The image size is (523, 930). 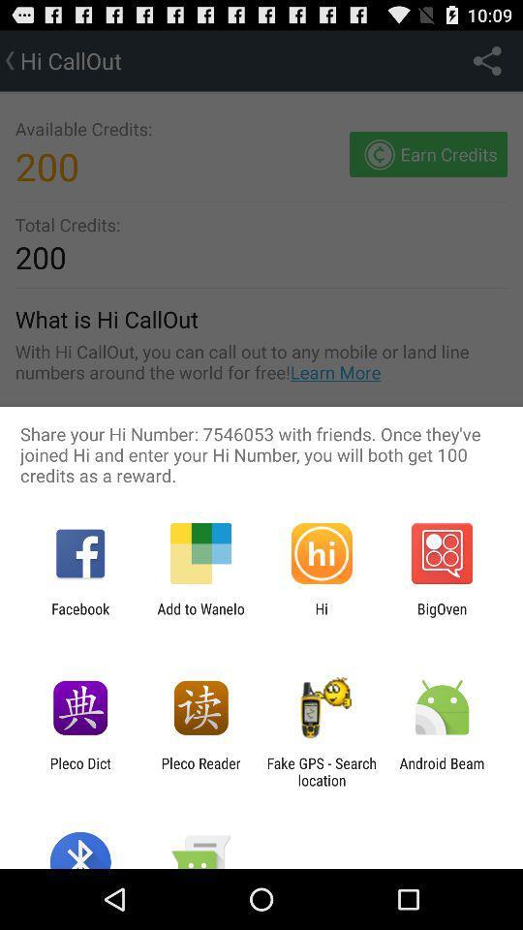 I want to click on app to the right of the facebook app, so click(x=200, y=616).